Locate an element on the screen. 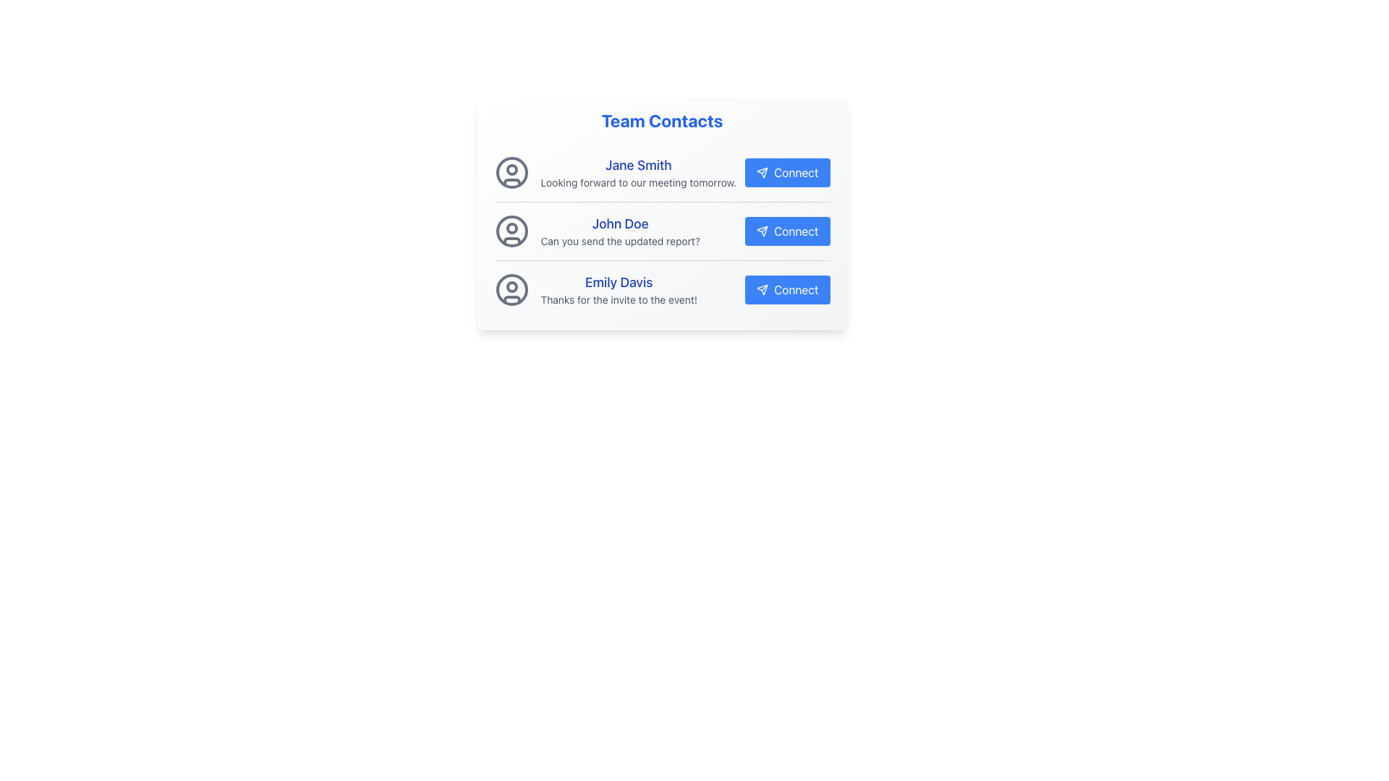 Image resolution: width=1389 pixels, height=781 pixels. the Curve element that forms the lower part of the user profile icon, which is styled as a thin outline and is adjacent to the name 'Jane Smith' is located at coordinates (511, 182).